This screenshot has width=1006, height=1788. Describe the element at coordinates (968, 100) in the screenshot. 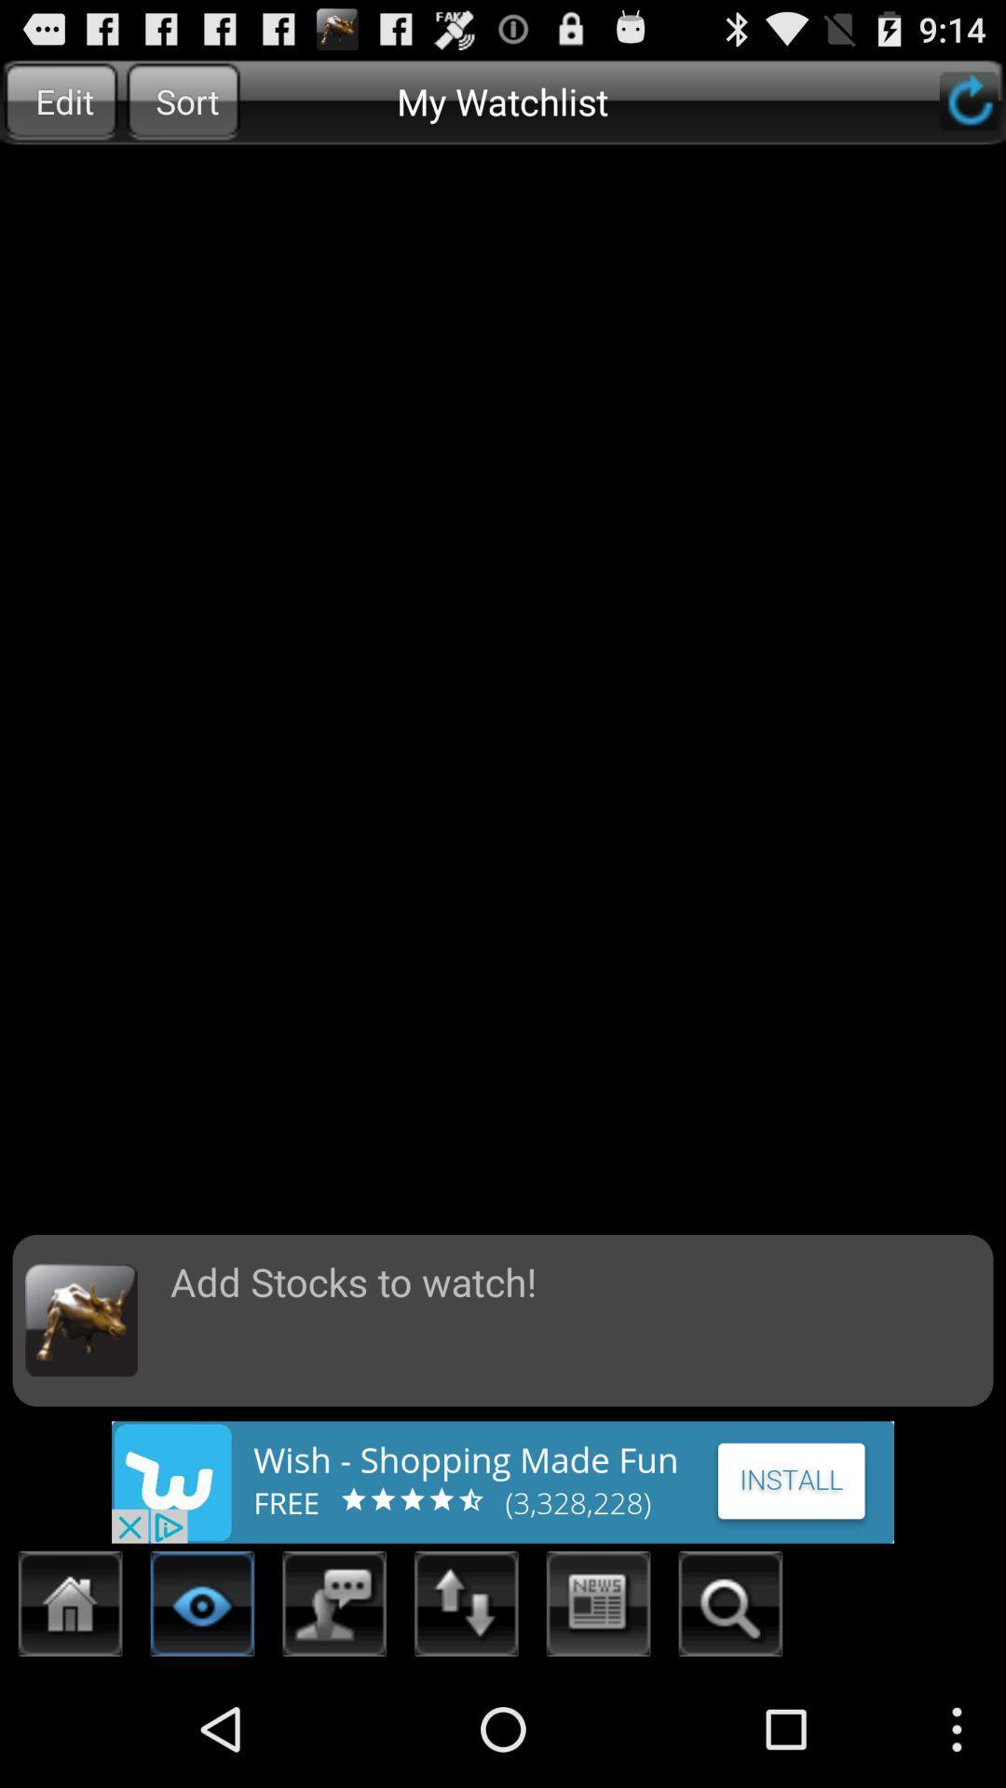

I see `refresh` at that location.